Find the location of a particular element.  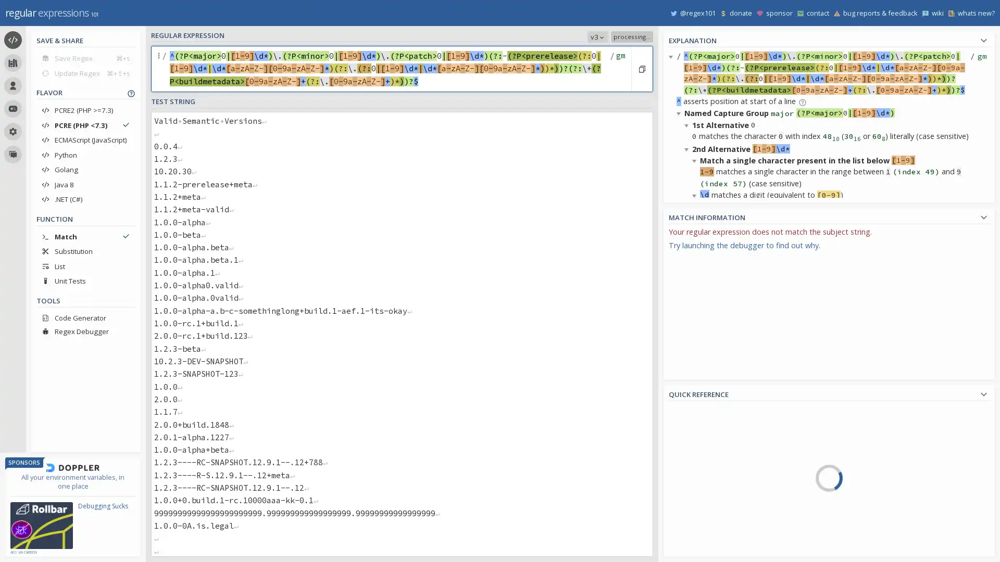

Any non-whitespace character \S is located at coordinates (881, 530).